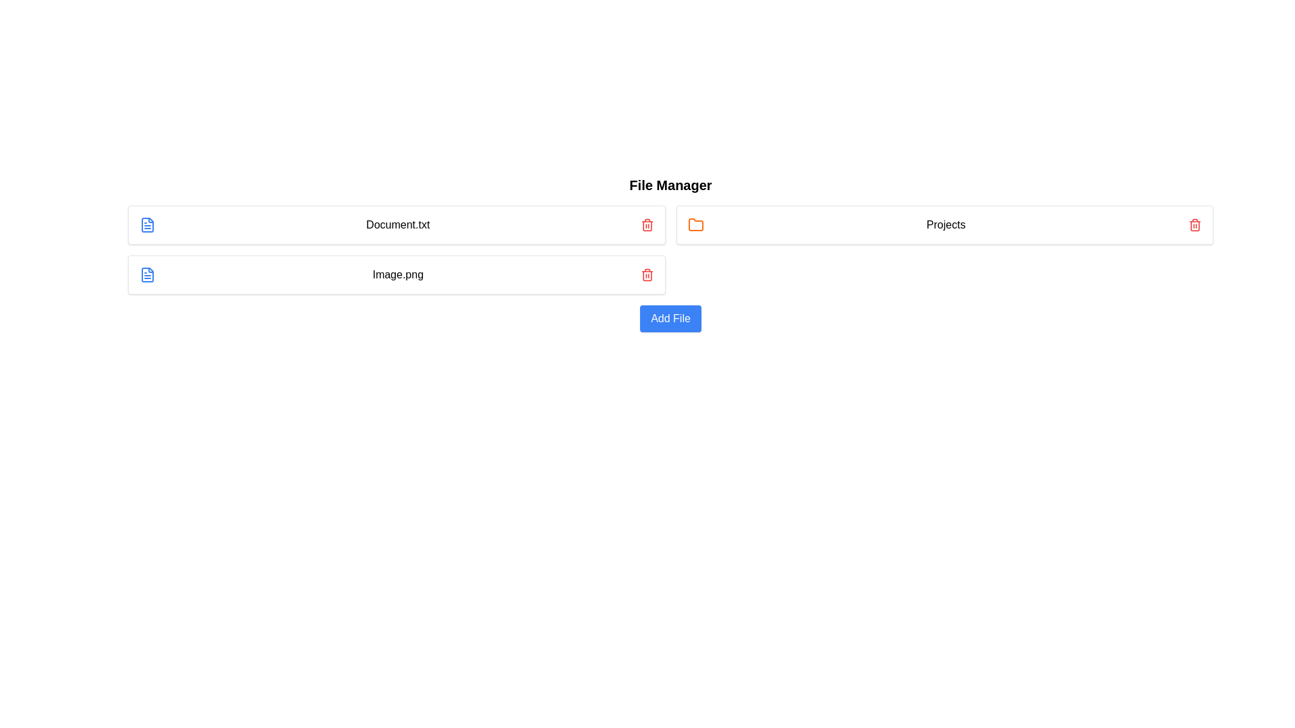 The image size is (1295, 728). I want to click on file name 'Document.txt' from the File Entry element, which is the first item in the left column of a grid layout, featuring a blue file icon on the left and a red trashcan icon on the right, so click(396, 224).